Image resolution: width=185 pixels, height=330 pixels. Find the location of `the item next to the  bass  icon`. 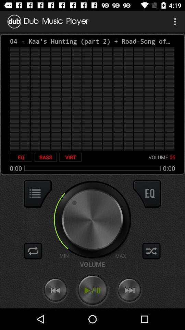

the item next to the  bass  icon is located at coordinates (70, 157).